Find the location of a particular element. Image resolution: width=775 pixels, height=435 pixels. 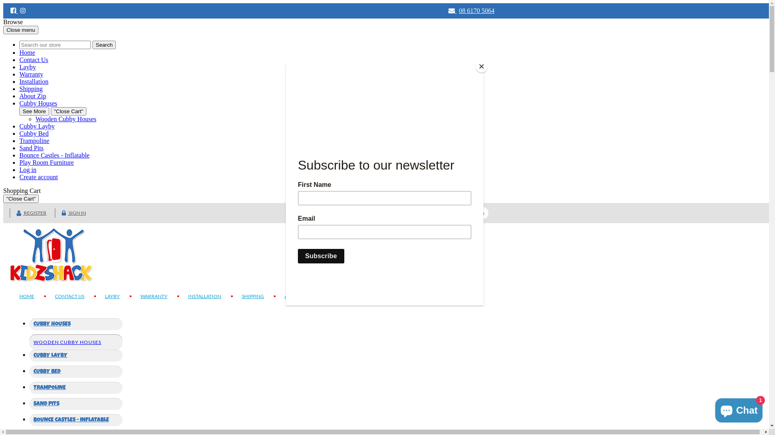

'See More' is located at coordinates (19, 111).